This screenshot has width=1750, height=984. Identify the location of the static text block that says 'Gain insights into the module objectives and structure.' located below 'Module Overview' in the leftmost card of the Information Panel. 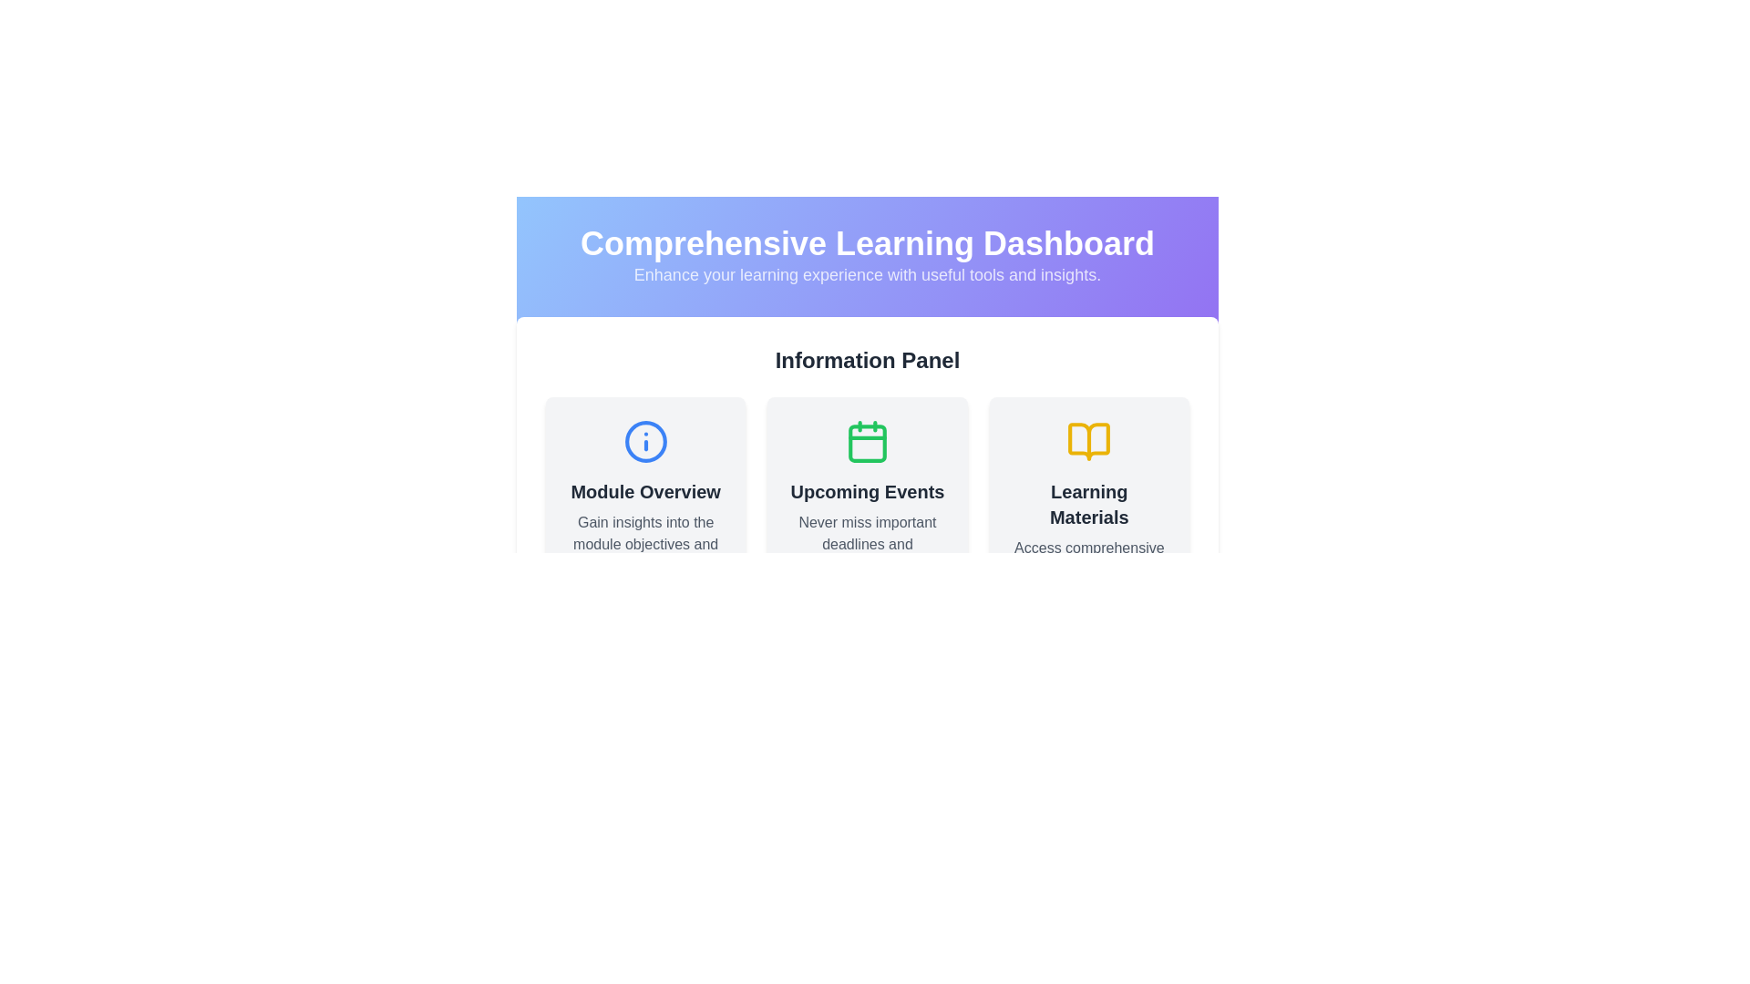
(645, 543).